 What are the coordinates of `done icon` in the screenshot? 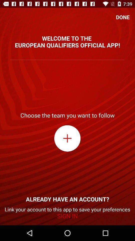 It's located at (122, 17).